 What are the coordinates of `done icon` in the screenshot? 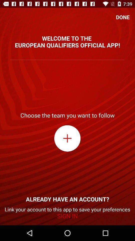 It's located at (122, 17).